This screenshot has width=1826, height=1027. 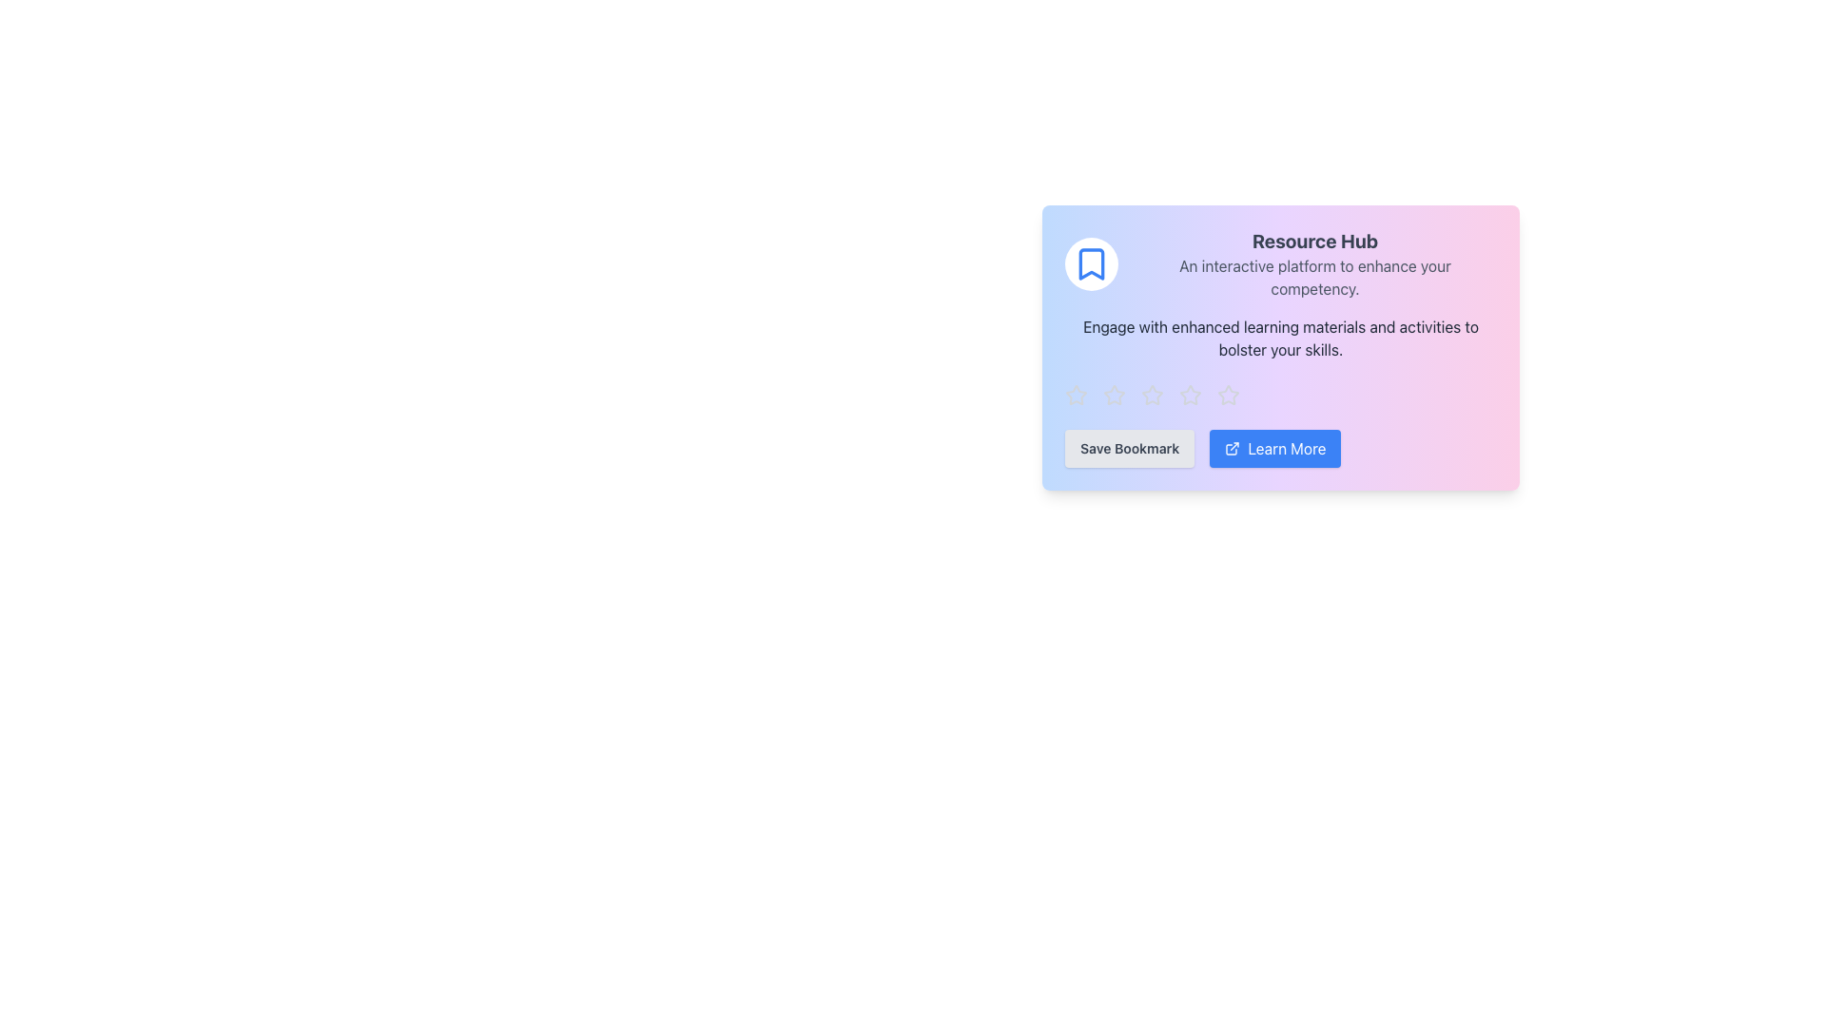 I want to click on the Text Display element titled 'Resource Hub' which provides a description 'An interactive platform to enhance your competency.', so click(x=1313, y=263).